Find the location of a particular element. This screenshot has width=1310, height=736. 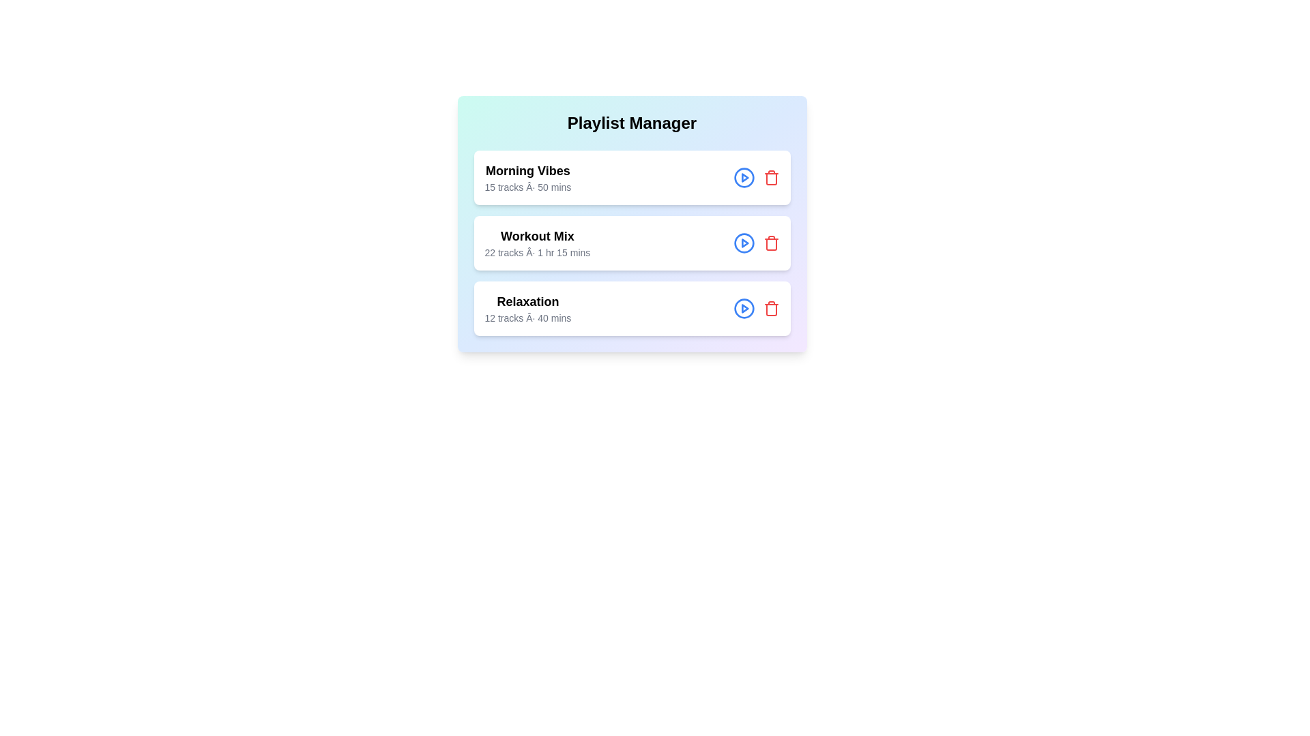

the delete button for the playlist titled 'Workout Mix' is located at coordinates (771, 243).